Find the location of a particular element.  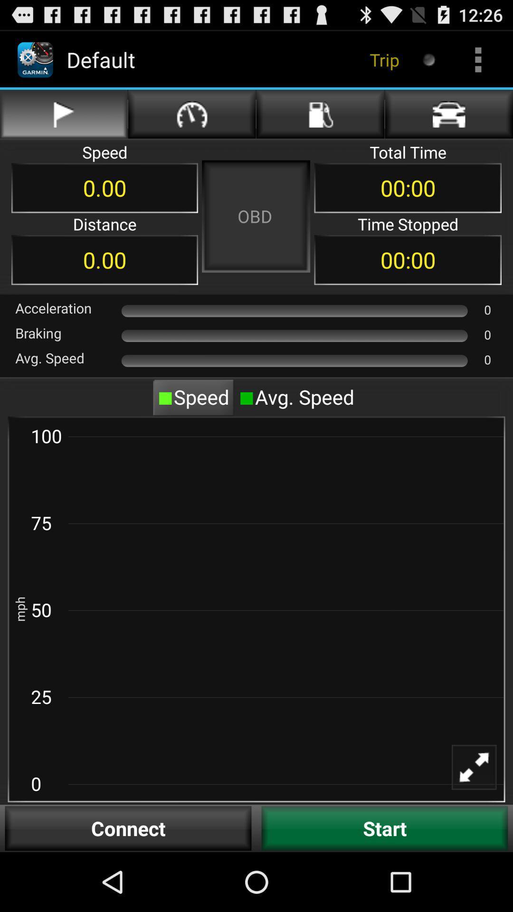

full screen is located at coordinates (480, 773).